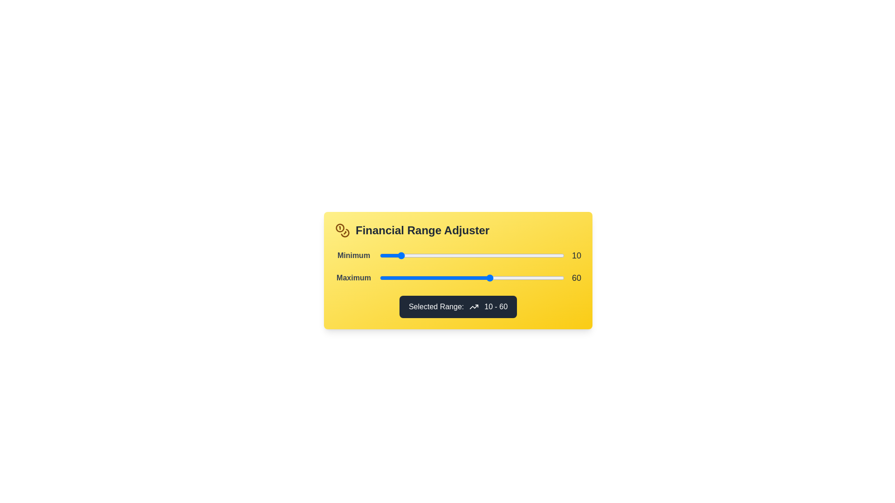 This screenshot has width=895, height=503. What do you see at coordinates (414, 255) in the screenshot?
I see `the 'Minimum' slider to 19 within its range` at bounding box center [414, 255].